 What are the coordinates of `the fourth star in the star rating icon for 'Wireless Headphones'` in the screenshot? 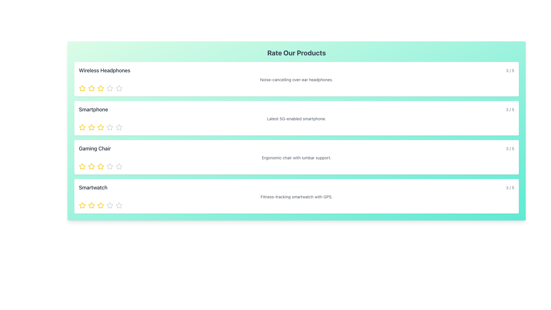 It's located at (119, 88).